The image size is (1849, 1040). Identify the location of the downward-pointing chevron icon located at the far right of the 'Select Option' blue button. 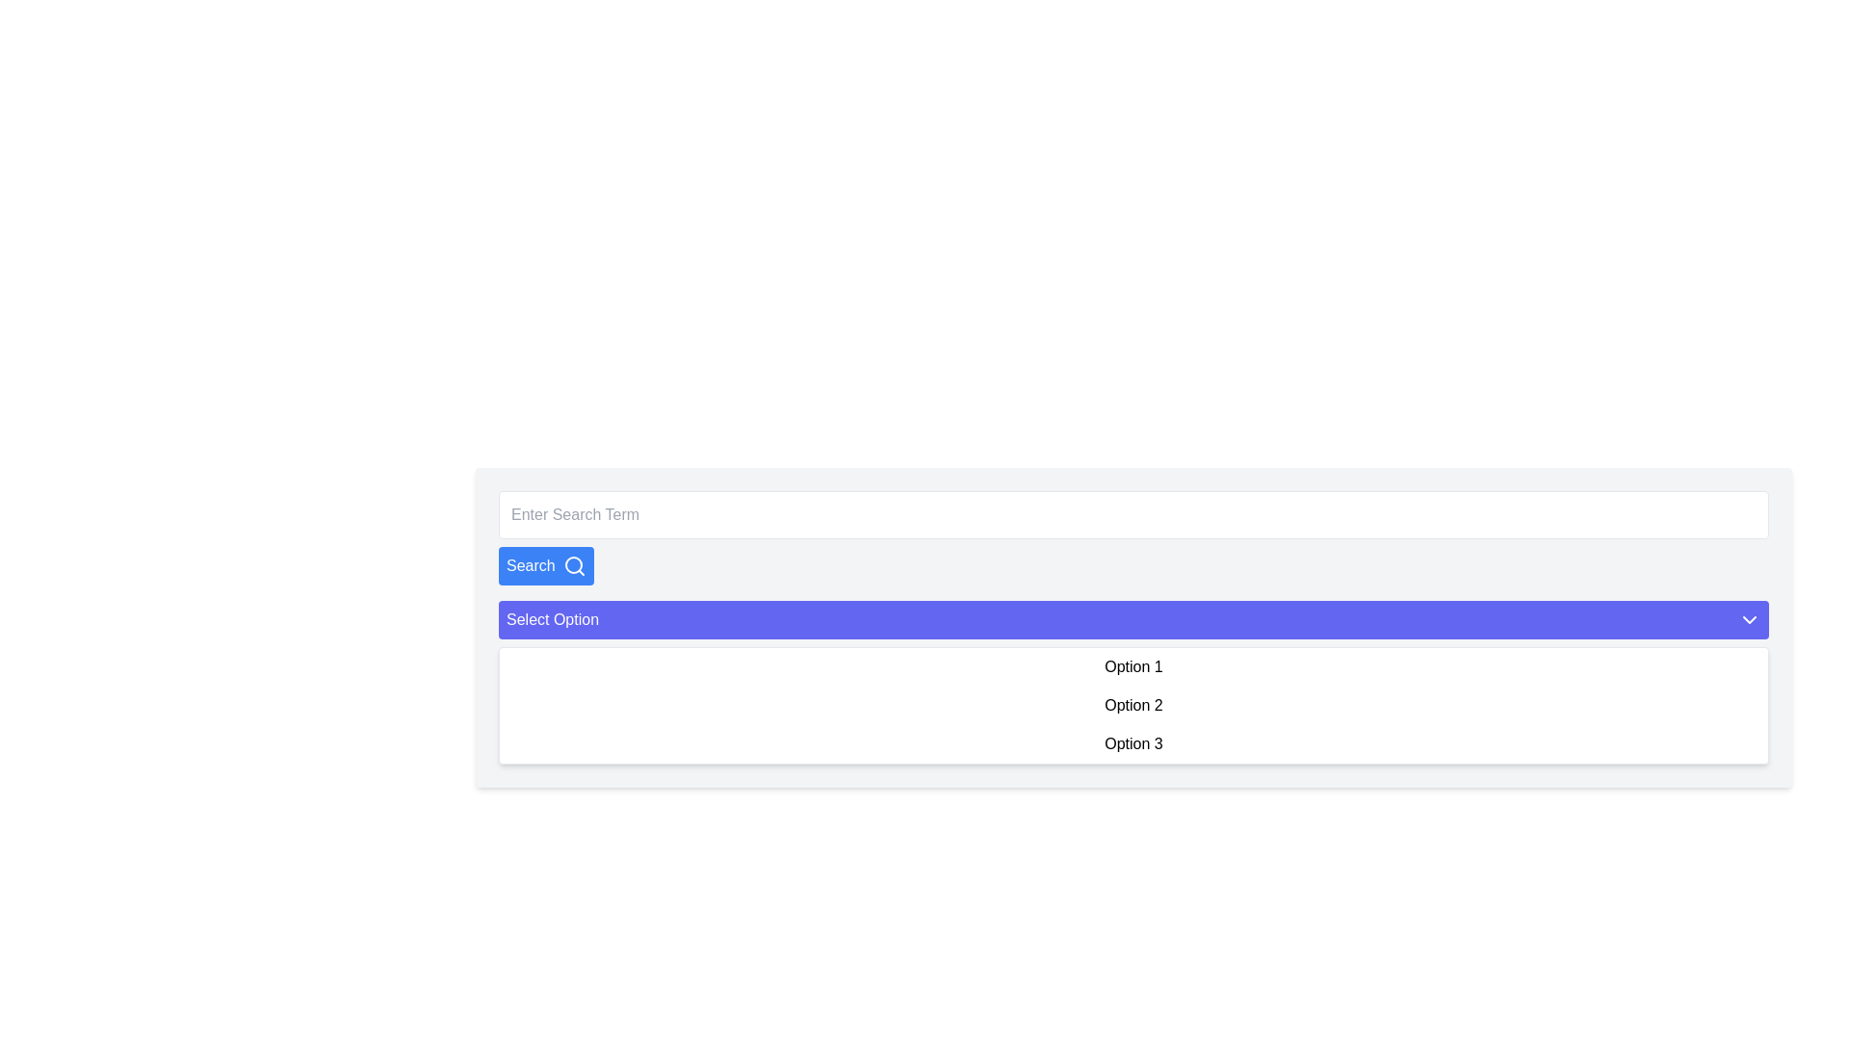
(1750, 620).